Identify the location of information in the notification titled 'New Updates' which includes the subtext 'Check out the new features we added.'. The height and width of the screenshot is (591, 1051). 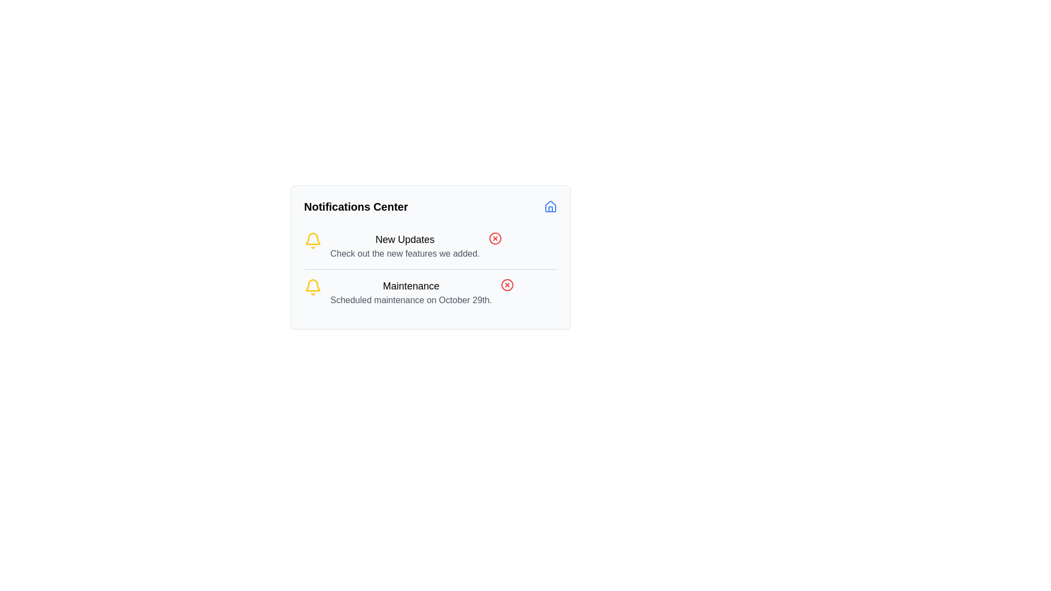
(404, 246).